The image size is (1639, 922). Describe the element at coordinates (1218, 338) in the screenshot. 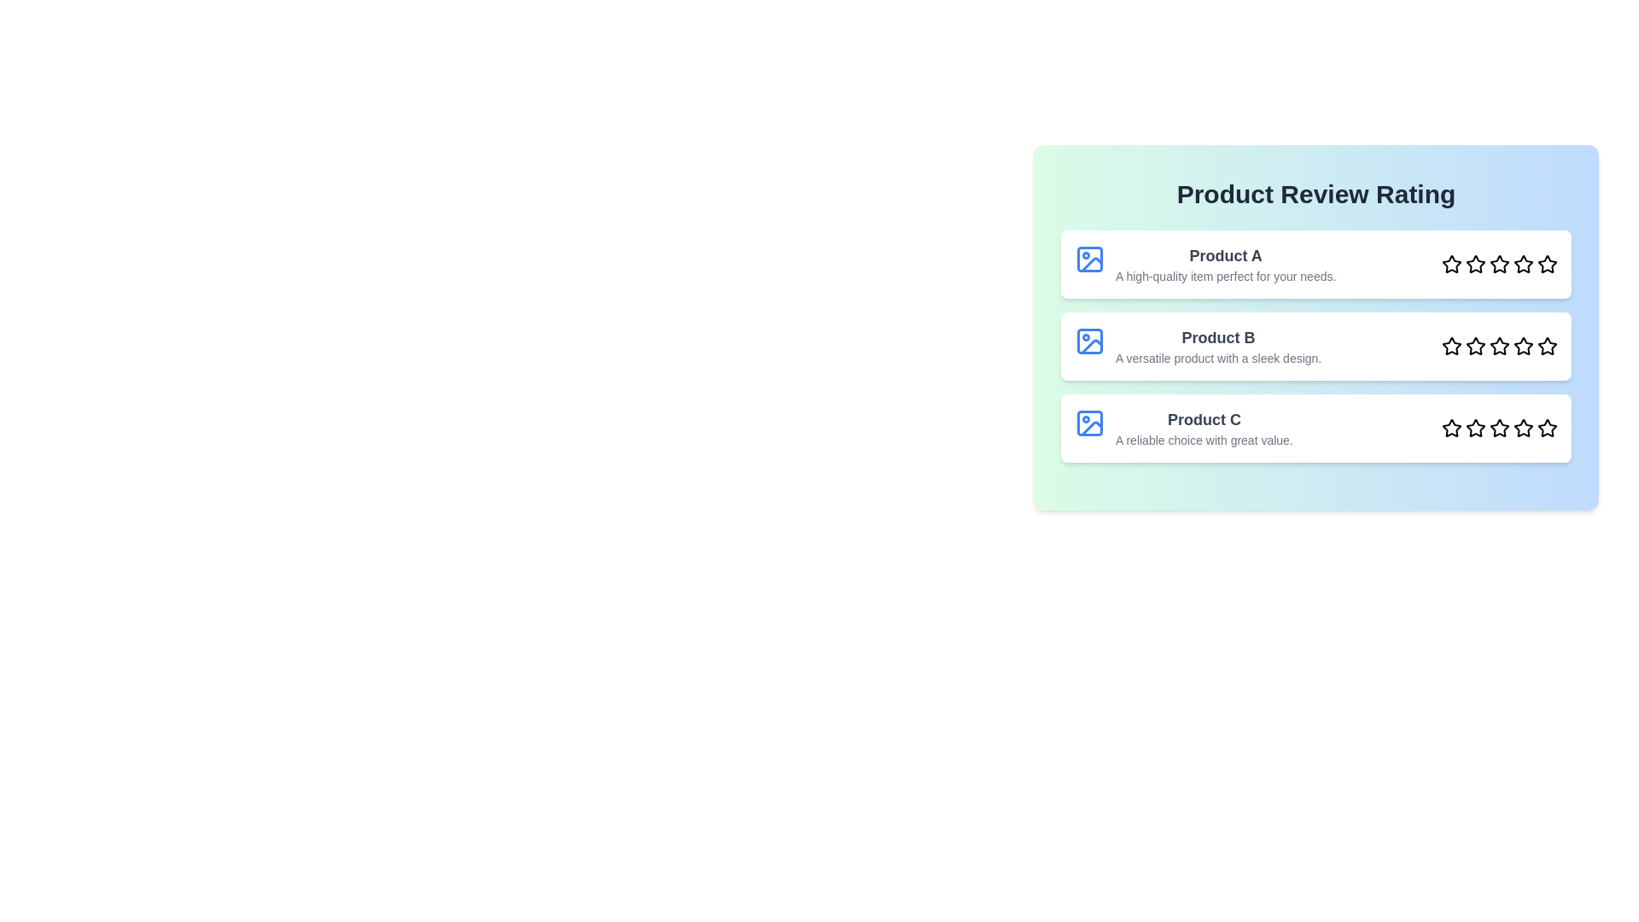

I see `the product name Product B` at that location.